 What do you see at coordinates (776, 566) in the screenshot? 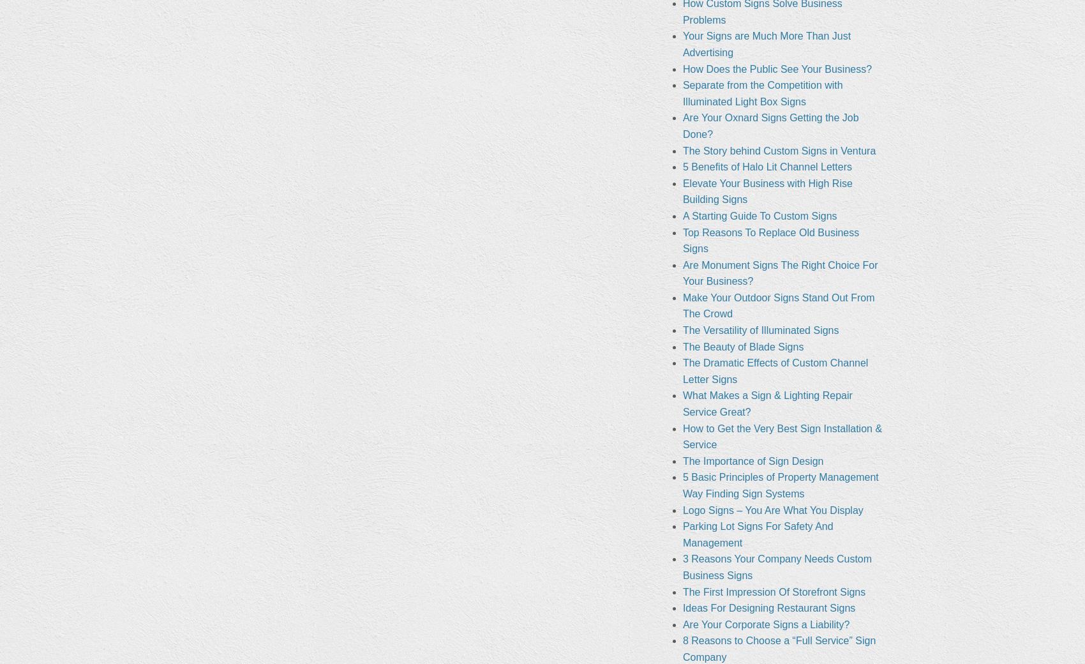
I see `'3 Reasons Your Company Needs Custom Business Signs'` at bounding box center [776, 566].